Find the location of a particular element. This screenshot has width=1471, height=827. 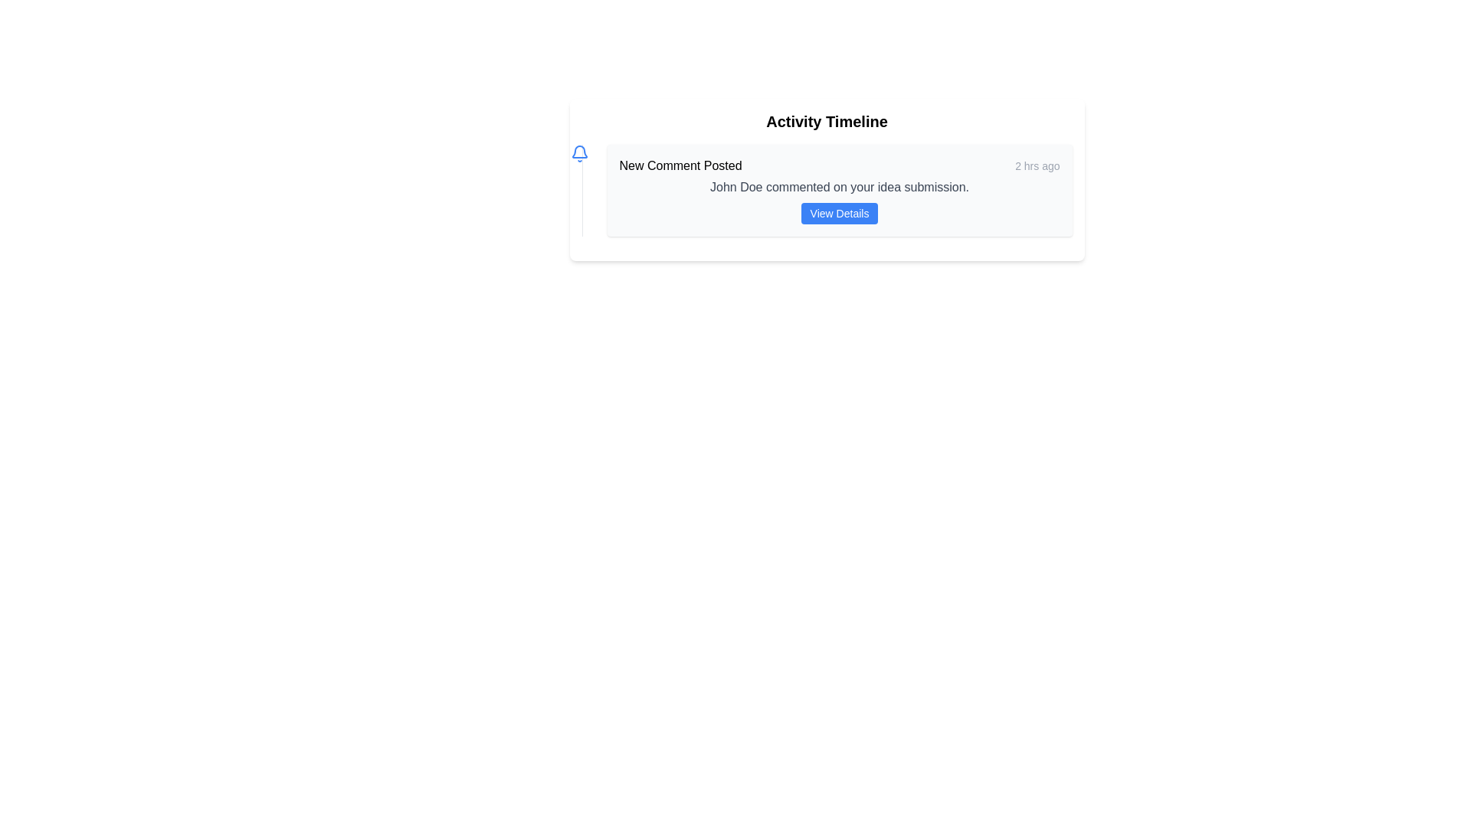

text content informing the user about a comment made by John Doe on their idea submission, located below 'New Comment Posted' and above 'View Details' is located at coordinates (838, 187).